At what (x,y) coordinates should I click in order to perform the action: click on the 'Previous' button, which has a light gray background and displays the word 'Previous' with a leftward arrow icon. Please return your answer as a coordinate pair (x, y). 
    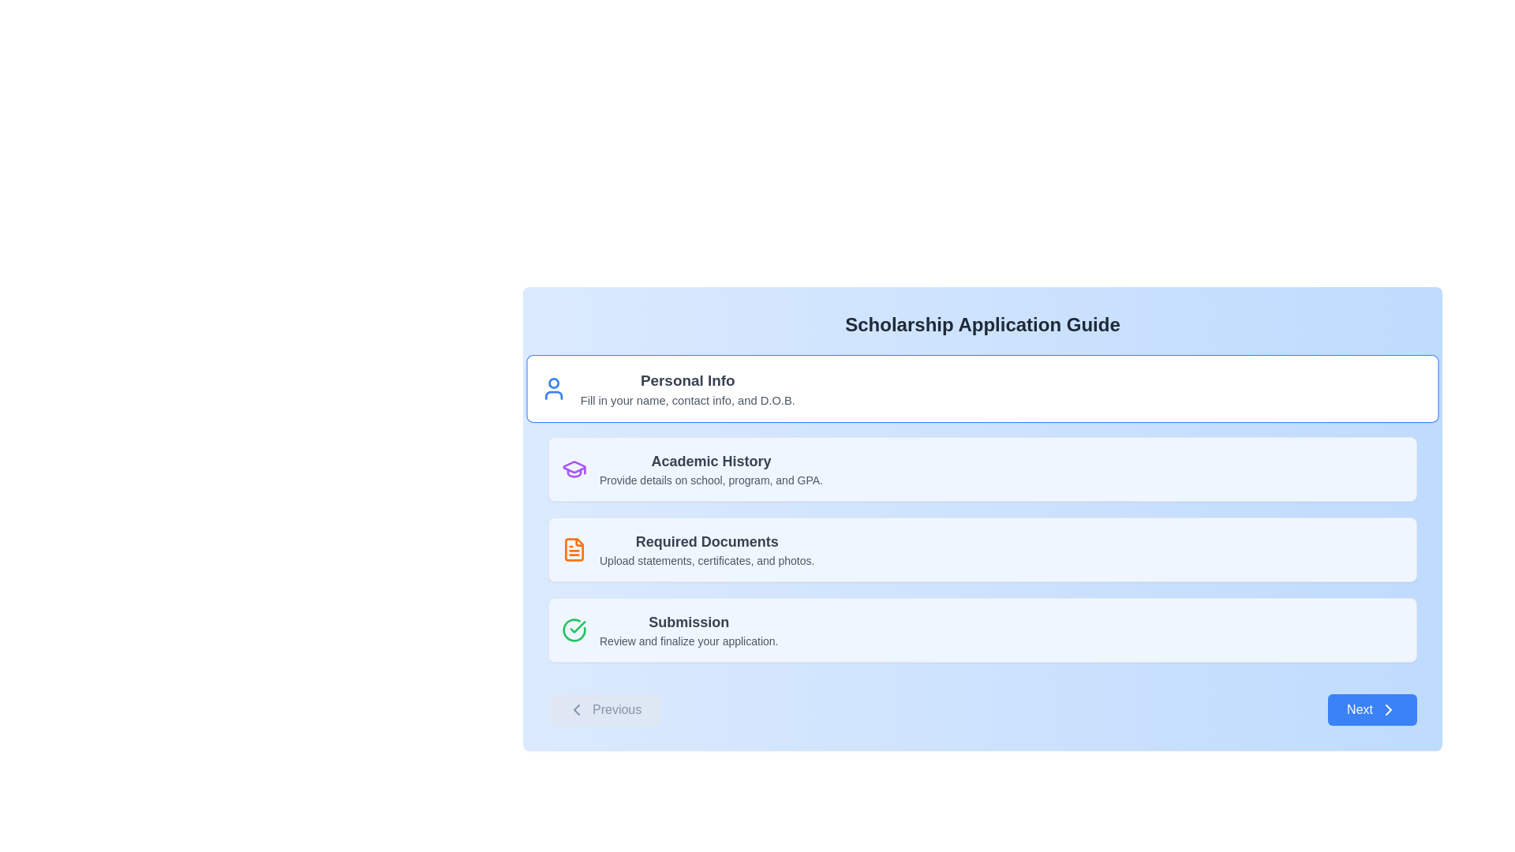
    Looking at the image, I should click on (604, 708).